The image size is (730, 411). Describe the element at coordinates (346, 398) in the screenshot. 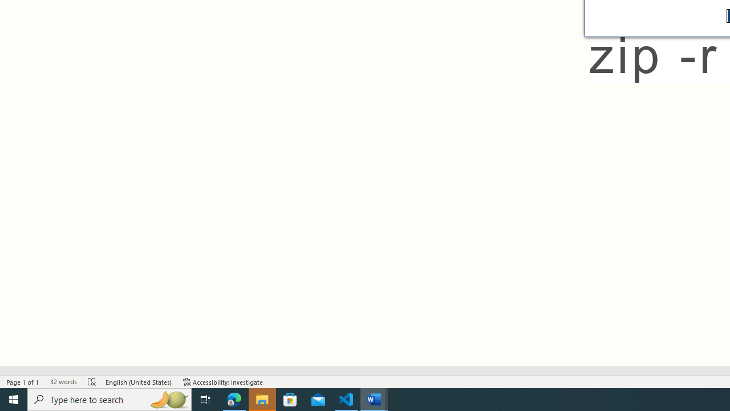

I see `'Visual Studio Code - 1 running window'` at that location.